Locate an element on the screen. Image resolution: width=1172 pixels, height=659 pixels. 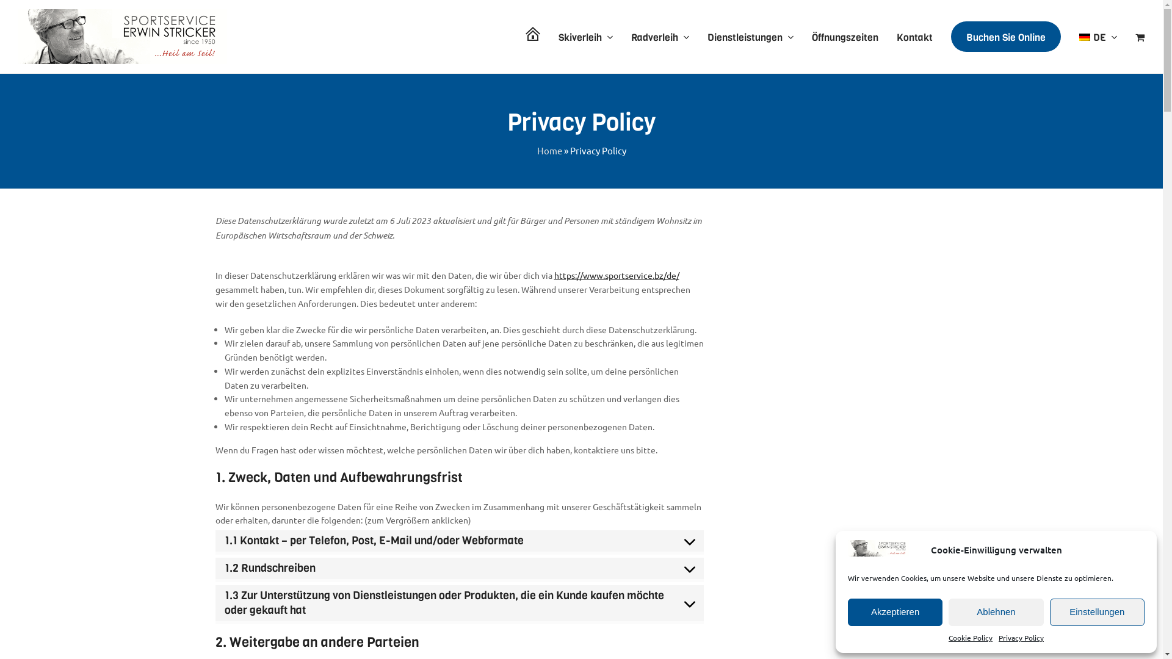
'Cookie Policy' is located at coordinates (969, 637).